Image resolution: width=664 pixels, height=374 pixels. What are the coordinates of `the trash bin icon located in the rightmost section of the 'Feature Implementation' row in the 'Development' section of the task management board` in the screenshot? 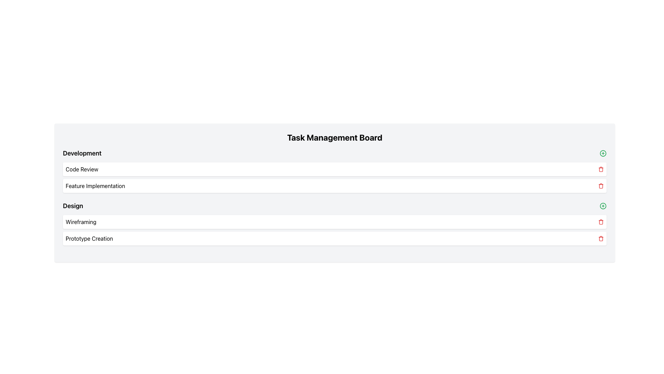 It's located at (600, 186).